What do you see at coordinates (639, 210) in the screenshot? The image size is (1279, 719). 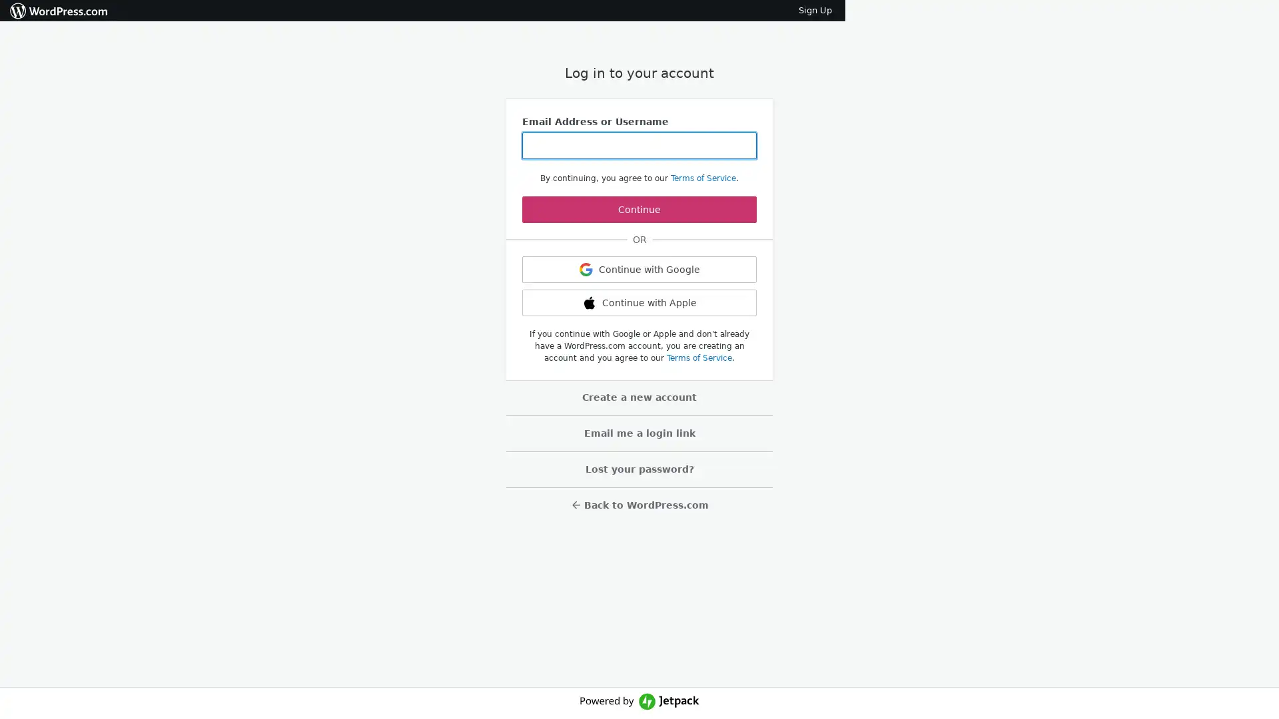 I see `Continue` at bounding box center [639, 210].